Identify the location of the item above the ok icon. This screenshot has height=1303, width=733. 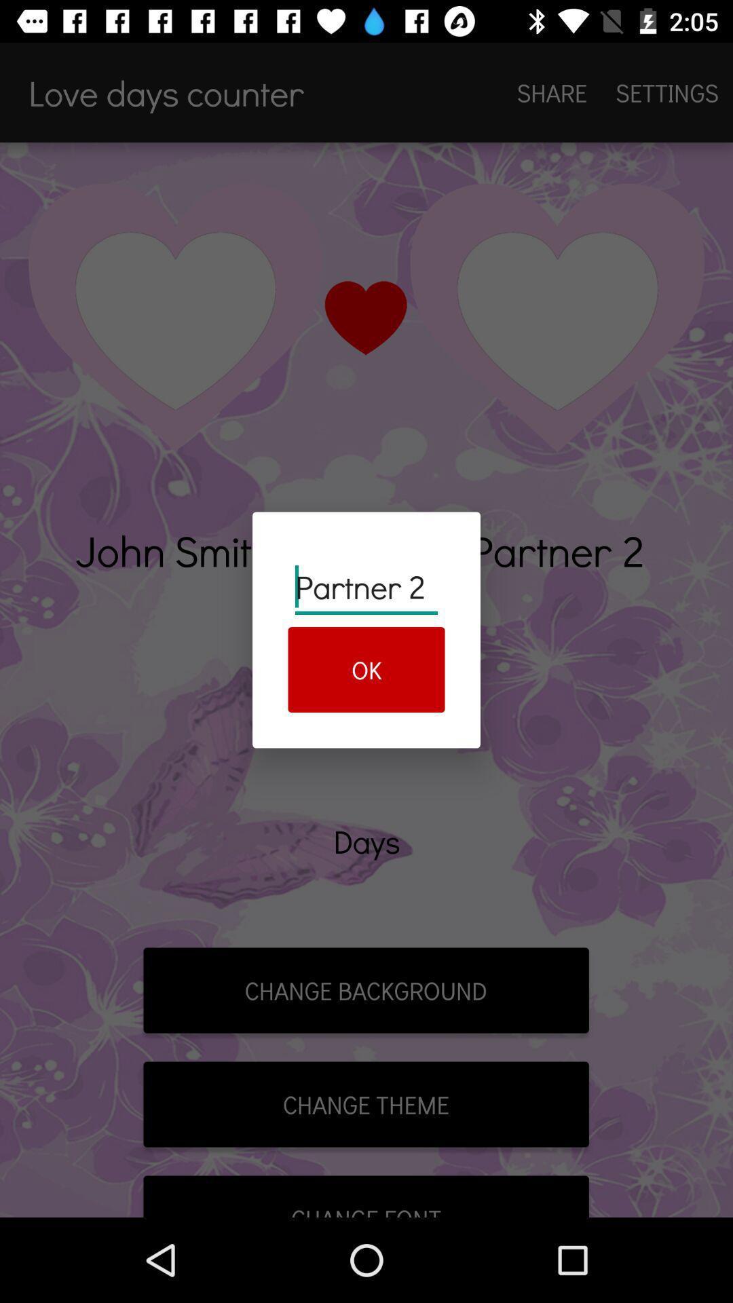
(366, 587).